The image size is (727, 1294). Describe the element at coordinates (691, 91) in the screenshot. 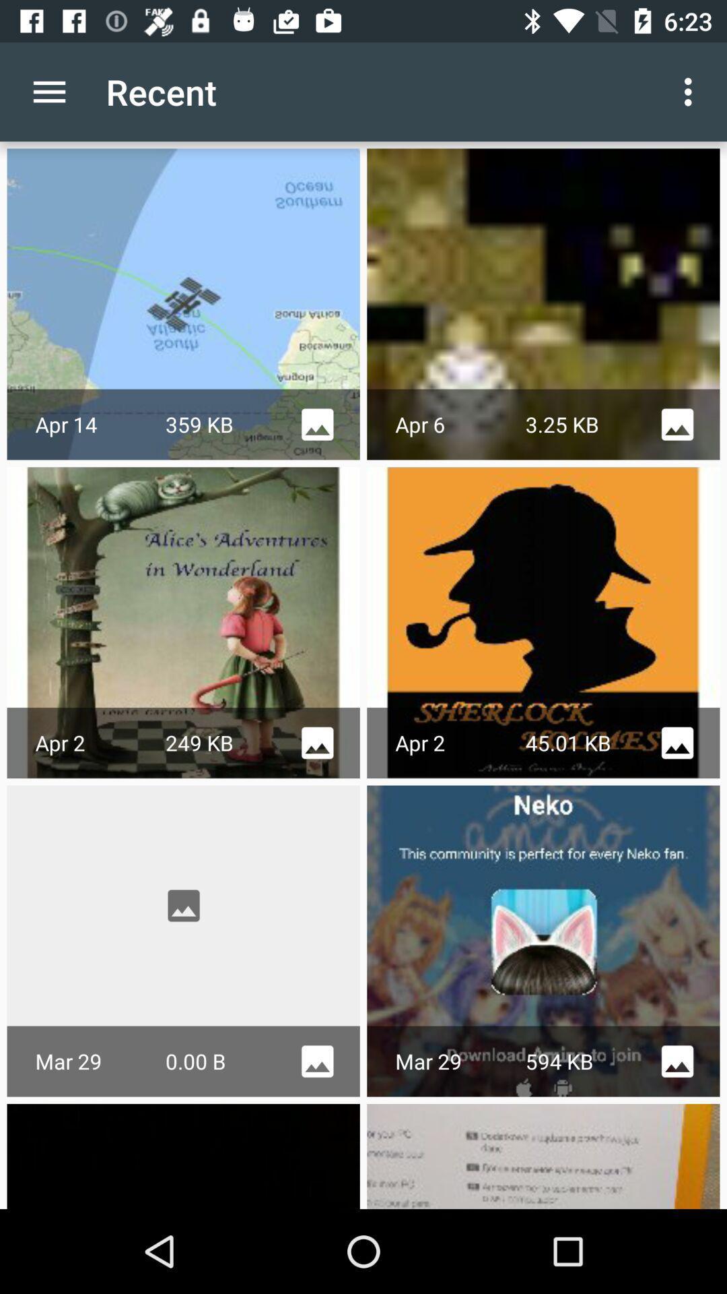

I see `the icon next to the recent icon` at that location.